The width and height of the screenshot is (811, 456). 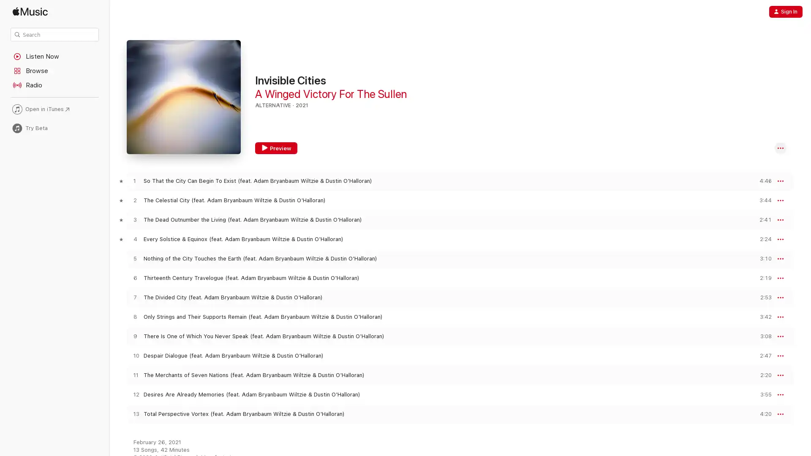 What do you see at coordinates (780, 219) in the screenshot?
I see `More` at bounding box center [780, 219].